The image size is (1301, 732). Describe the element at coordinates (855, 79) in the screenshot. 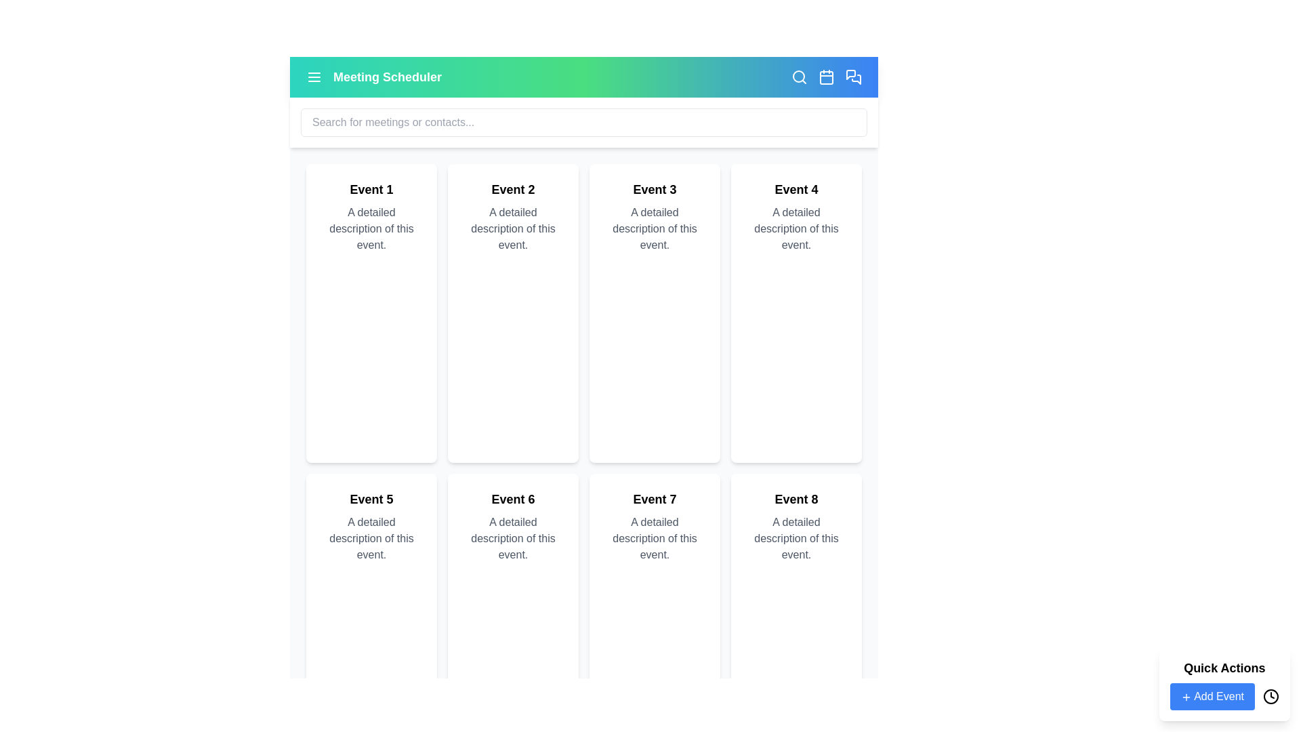

I see `the message-like icon fragment in the top-right corner of the header bar, which is part of the last icon in the sequence` at that location.